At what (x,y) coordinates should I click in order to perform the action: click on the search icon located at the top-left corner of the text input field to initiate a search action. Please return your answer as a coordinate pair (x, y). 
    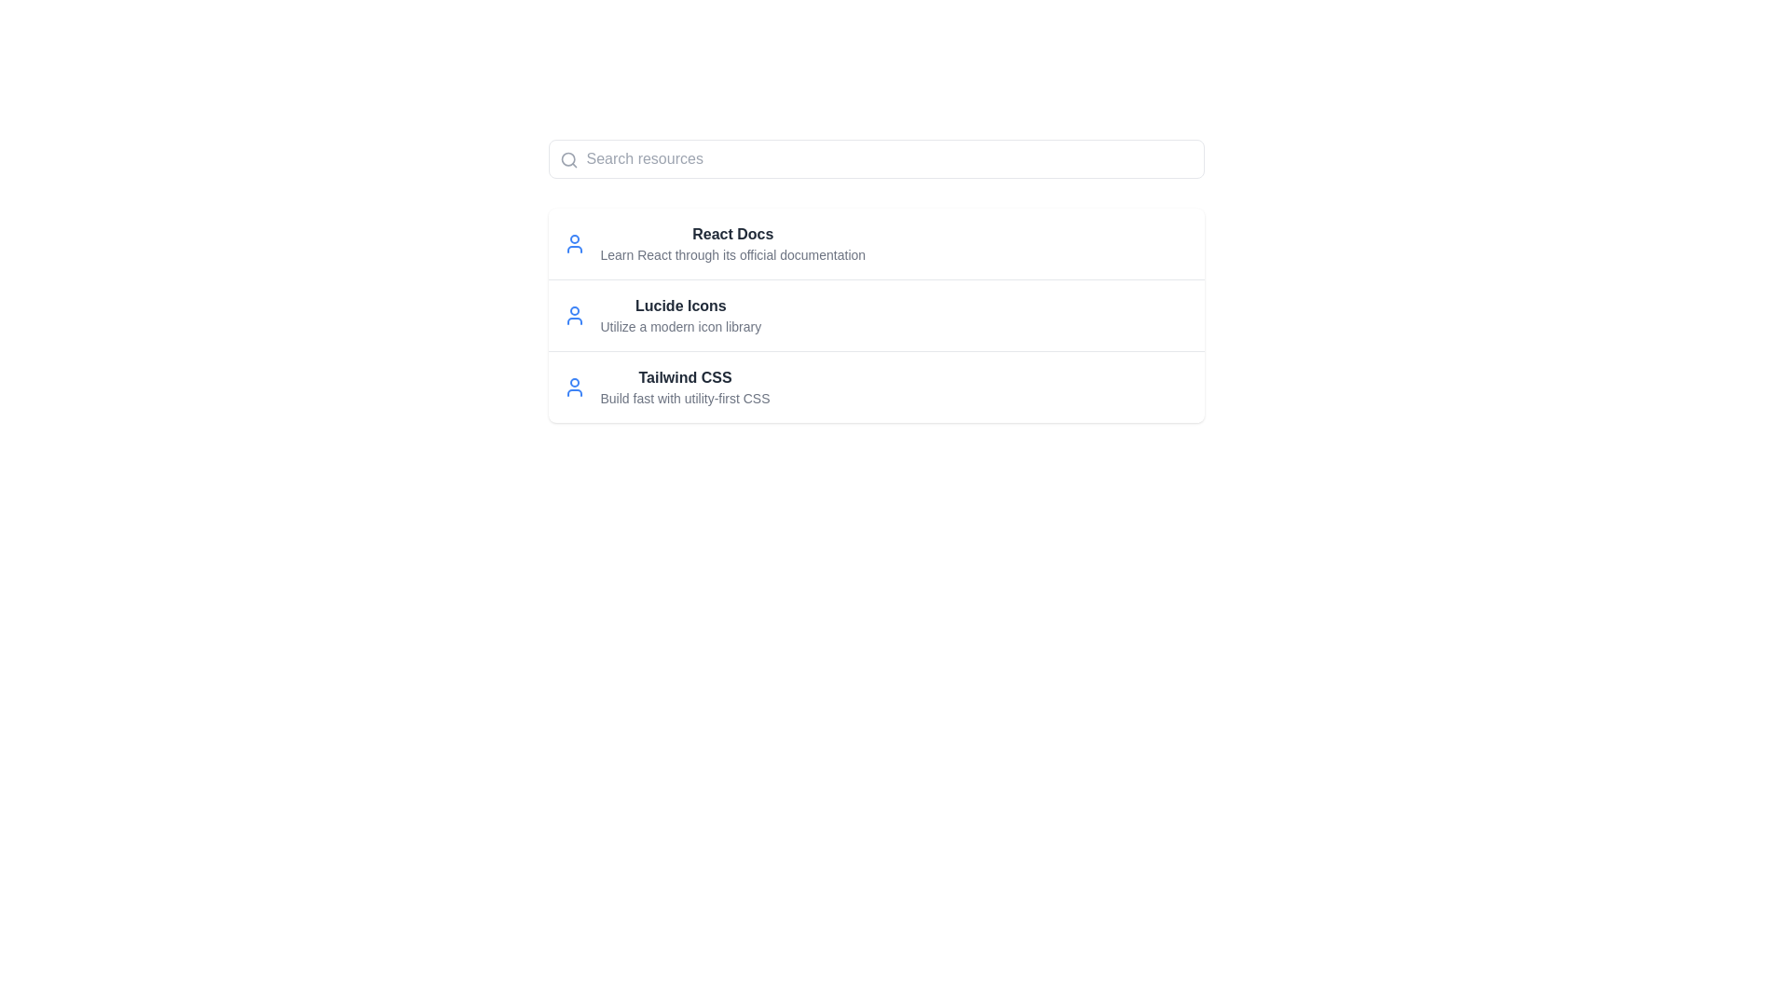
    Looking at the image, I should click on (567, 159).